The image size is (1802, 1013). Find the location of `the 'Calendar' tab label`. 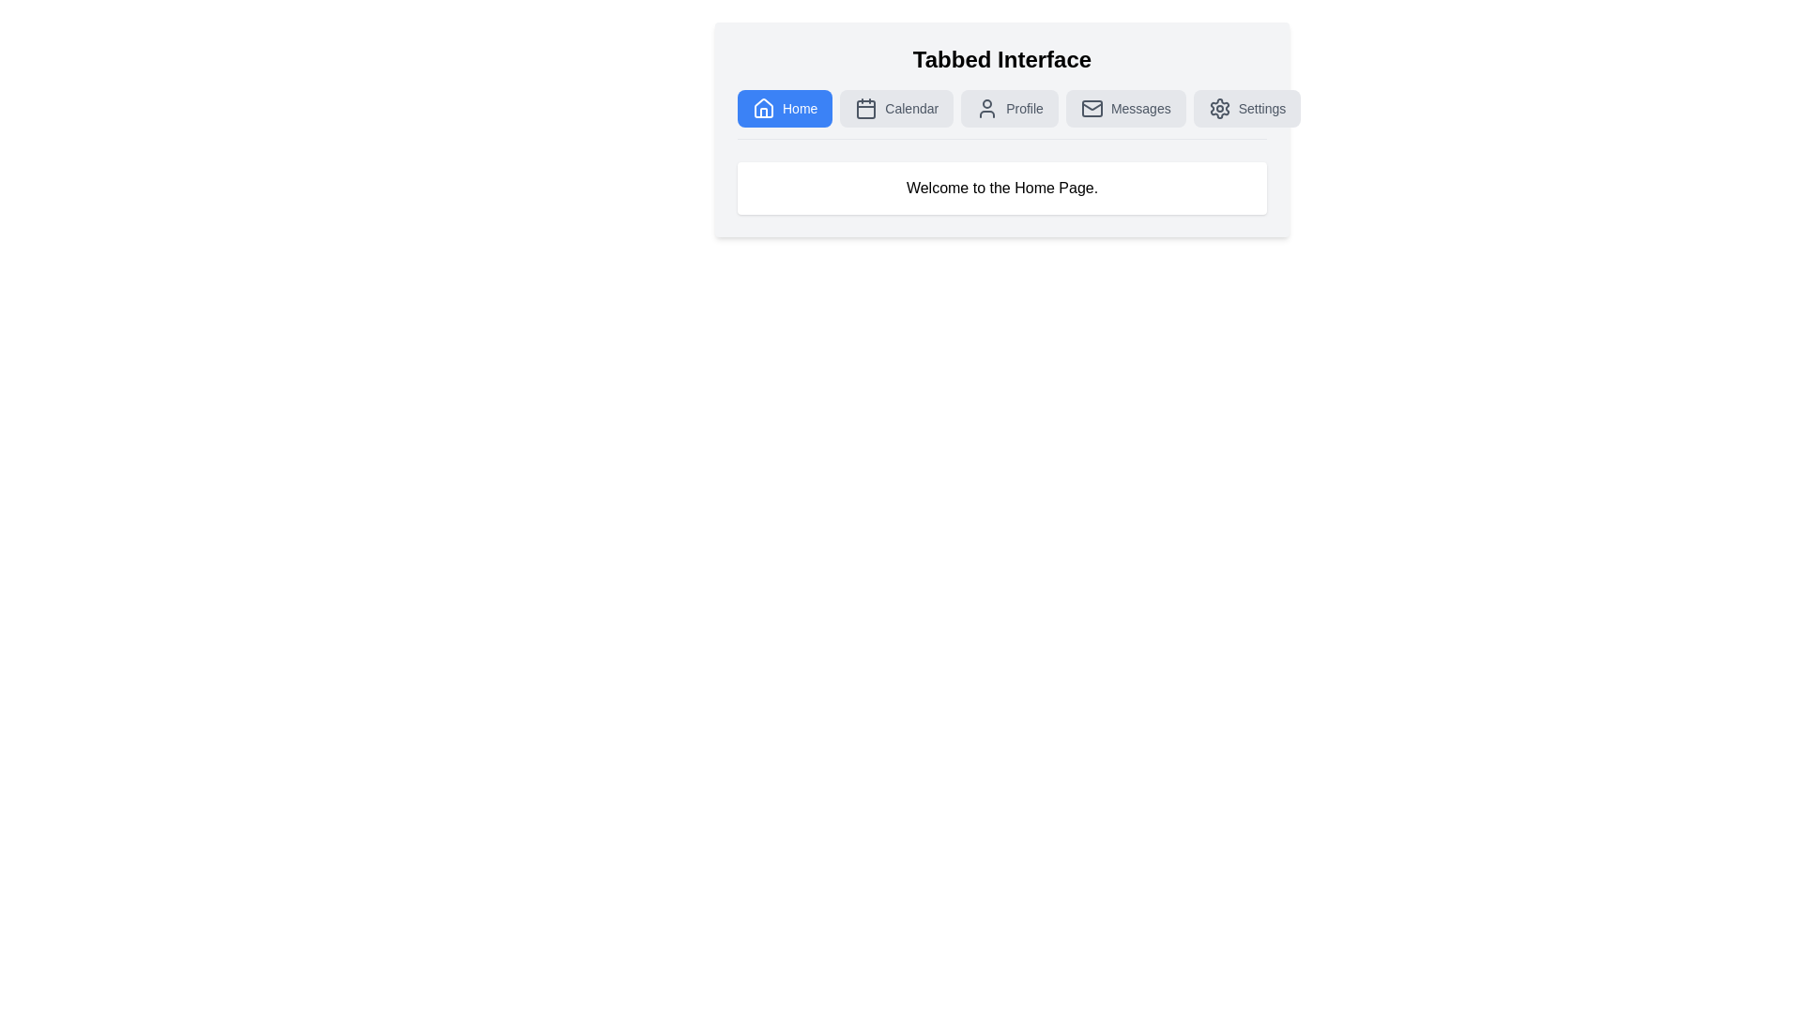

the 'Calendar' tab label is located at coordinates (911, 108).